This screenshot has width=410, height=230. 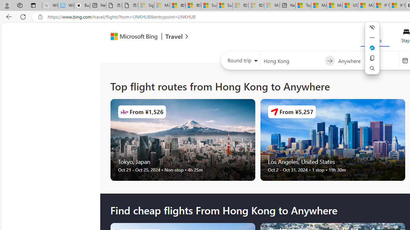 What do you see at coordinates (372, 48) in the screenshot?
I see `'Ask Copilot'` at bounding box center [372, 48].